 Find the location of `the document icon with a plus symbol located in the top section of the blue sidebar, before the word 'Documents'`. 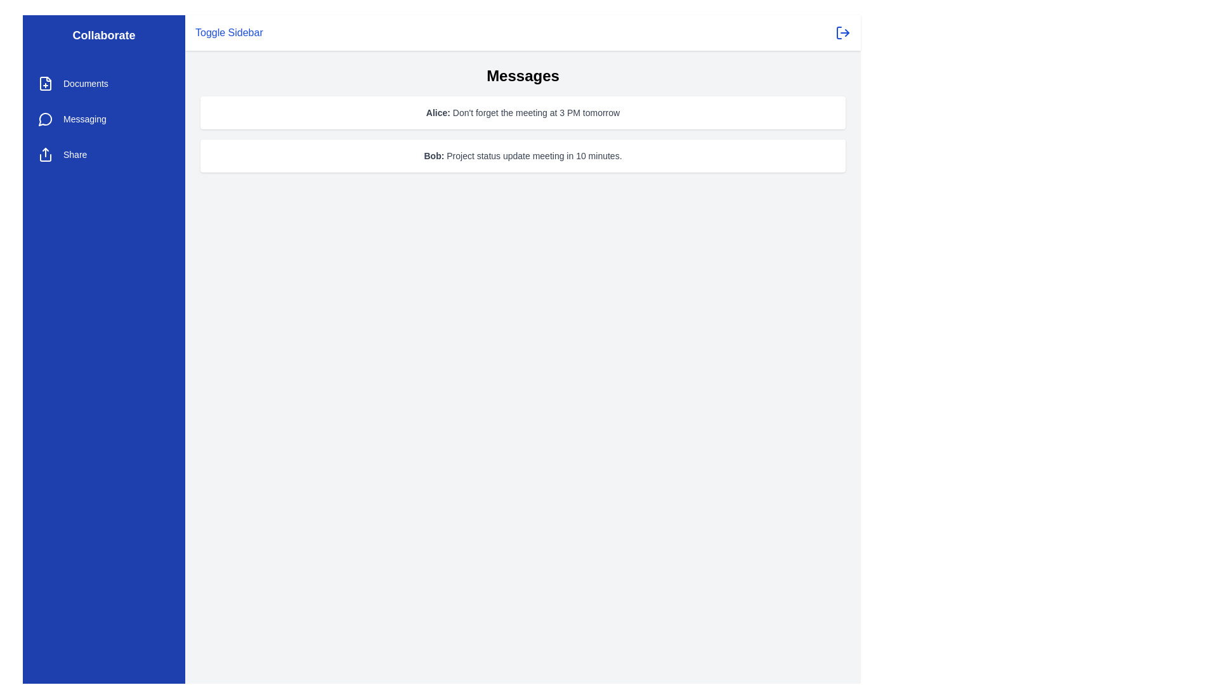

the document icon with a plus symbol located in the top section of the blue sidebar, before the word 'Documents' is located at coordinates (46, 83).